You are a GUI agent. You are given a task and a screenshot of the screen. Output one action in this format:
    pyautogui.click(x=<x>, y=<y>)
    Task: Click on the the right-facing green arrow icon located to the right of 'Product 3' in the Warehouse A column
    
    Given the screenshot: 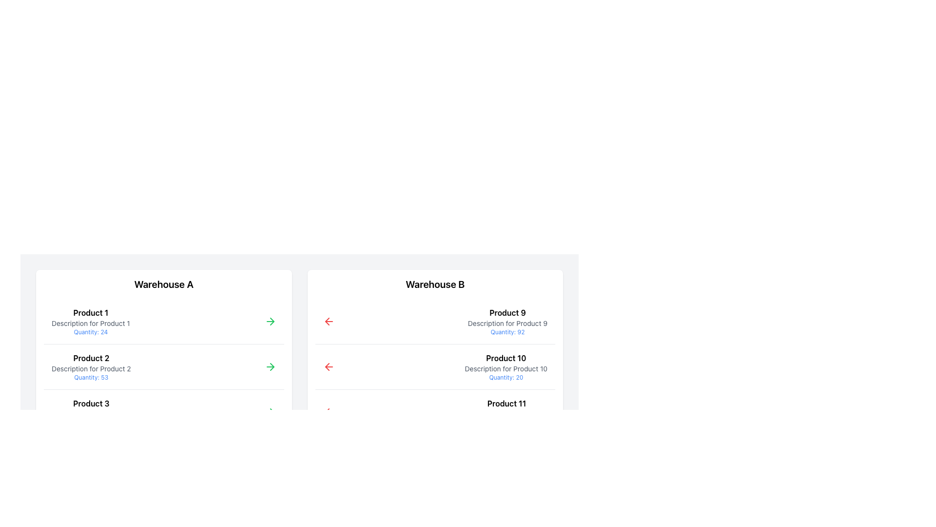 What is the action you would take?
    pyautogui.click(x=270, y=412)
    